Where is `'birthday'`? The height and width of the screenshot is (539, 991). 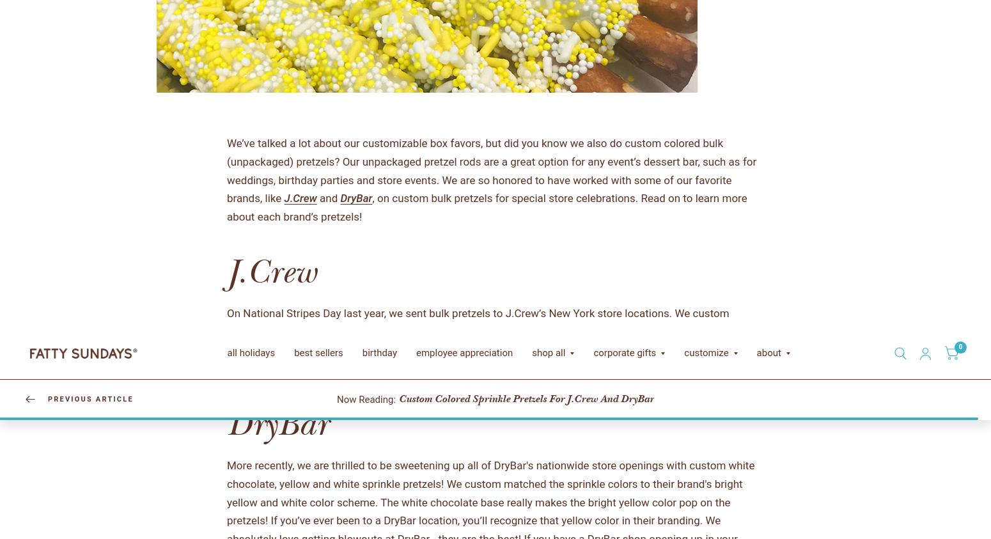
'birthday' is located at coordinates (86, 473).